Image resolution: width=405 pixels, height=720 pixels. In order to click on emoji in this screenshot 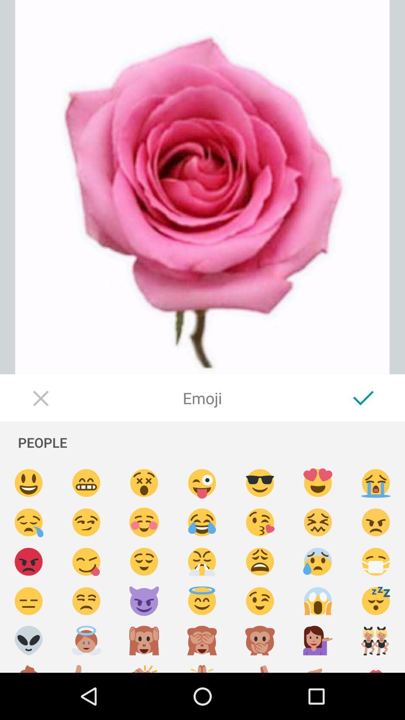, I will do `click(376, 562)`.